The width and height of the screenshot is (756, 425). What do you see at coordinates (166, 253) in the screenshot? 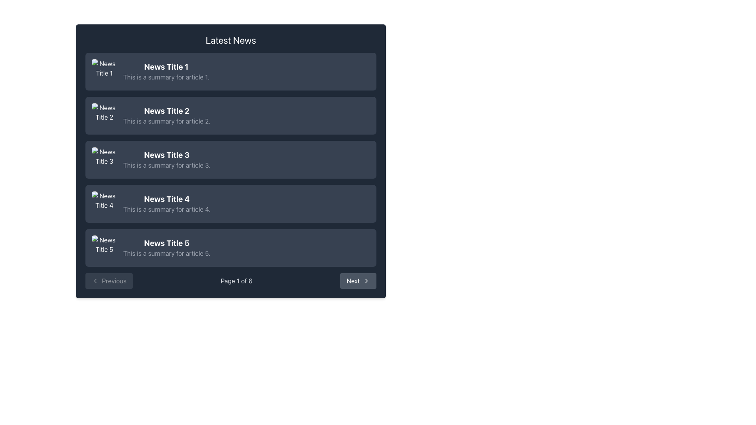
I see `the text label containing the phrase 'This is a summary for article 5.' located below 'News Title 5'` at bounding box center [166, 253].